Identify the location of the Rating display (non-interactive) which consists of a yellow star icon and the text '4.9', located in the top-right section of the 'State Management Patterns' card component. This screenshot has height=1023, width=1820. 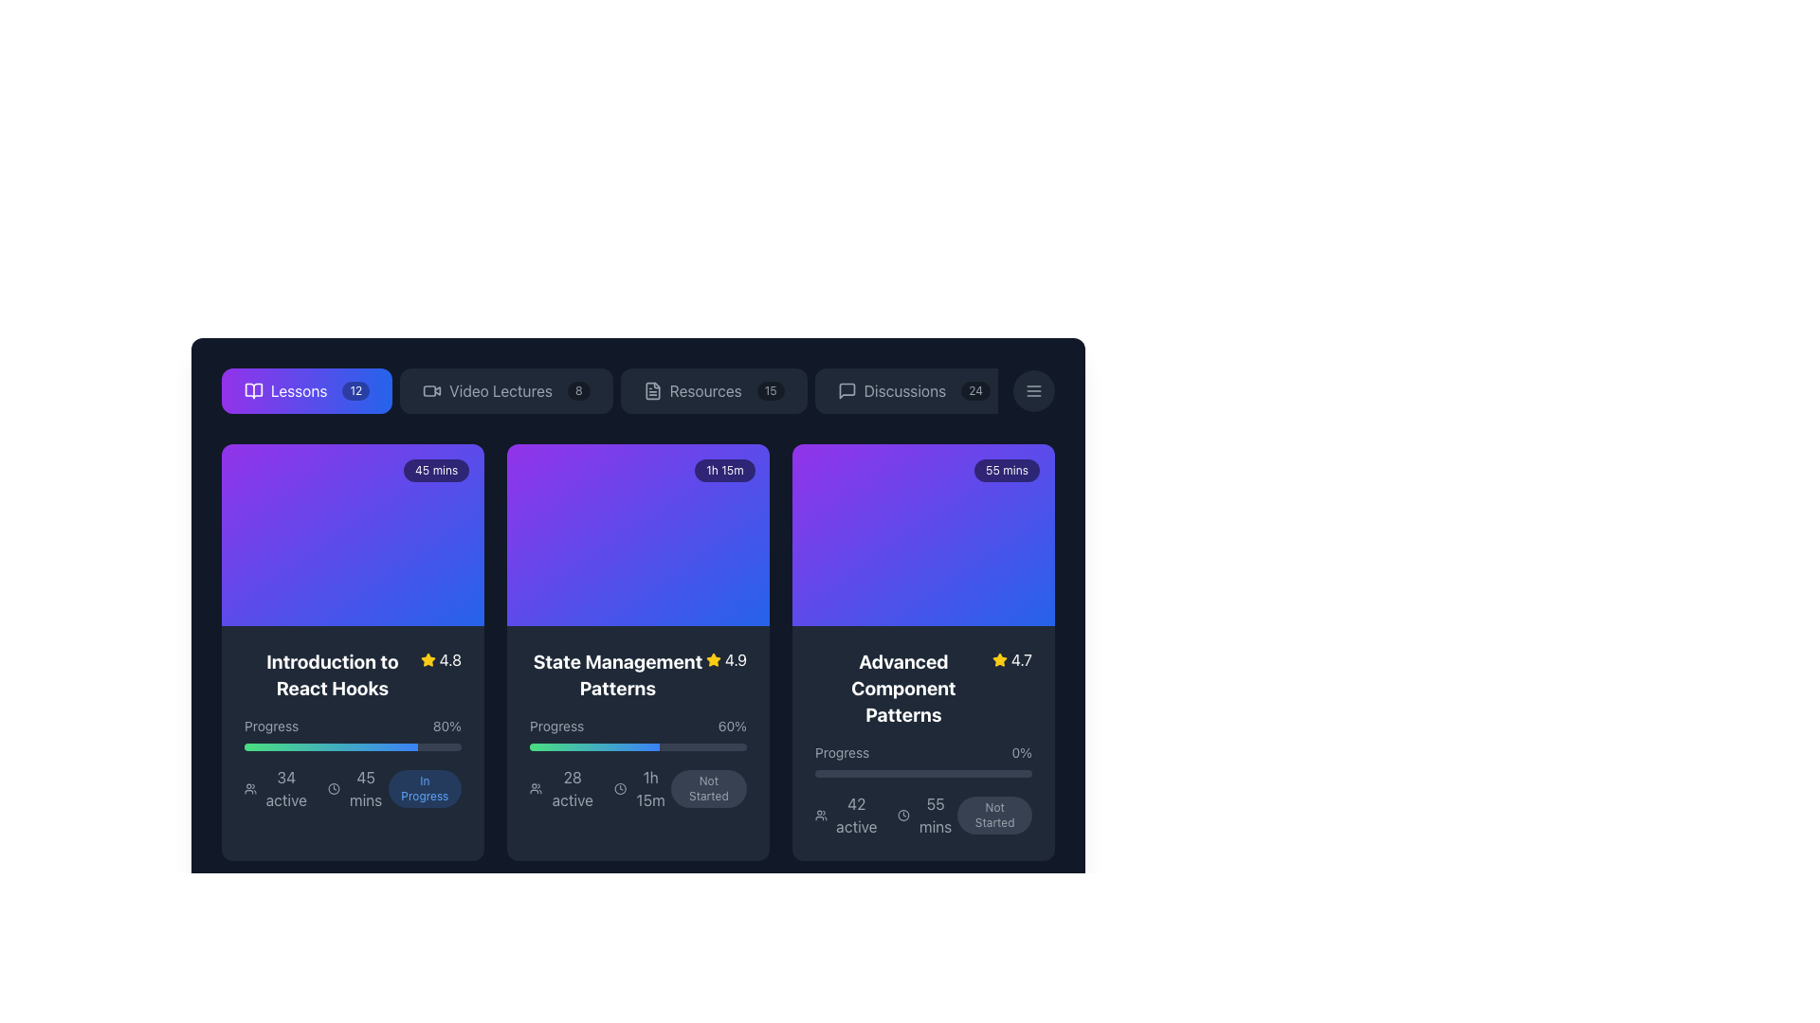
(725, 659).